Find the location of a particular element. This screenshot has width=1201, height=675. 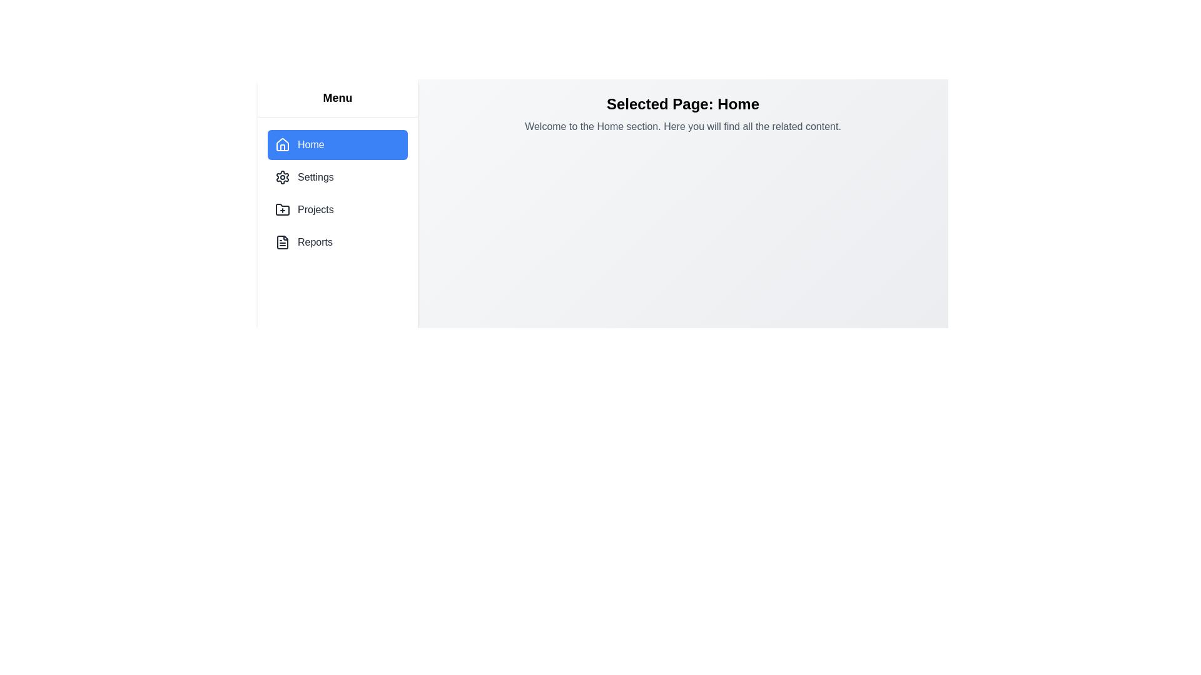

static text header that displays 'Selected Page: Home', which is centered and bold at the top of the content area is located at coordinates (682, 103).